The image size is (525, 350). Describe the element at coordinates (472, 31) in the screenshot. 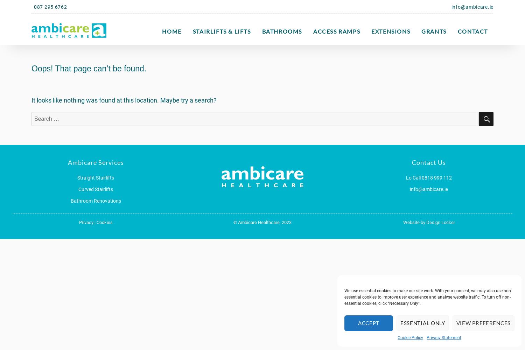

I see `'Contact'` at that location.